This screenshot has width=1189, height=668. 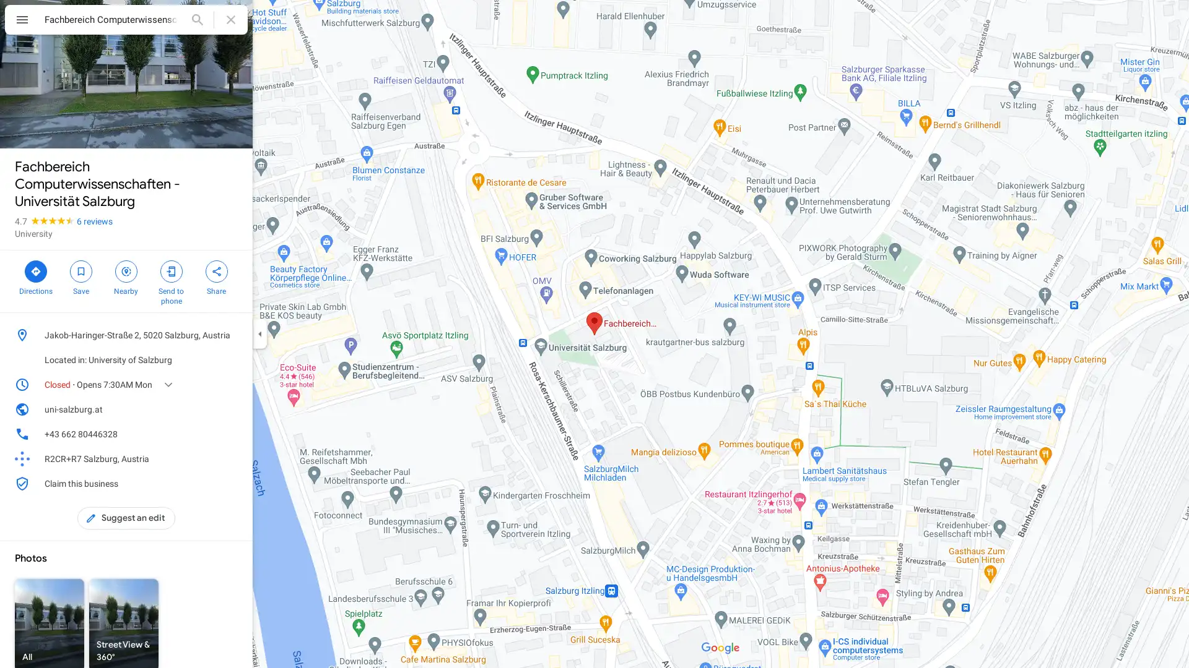 I want to click on University, so click(x=33, y=234).